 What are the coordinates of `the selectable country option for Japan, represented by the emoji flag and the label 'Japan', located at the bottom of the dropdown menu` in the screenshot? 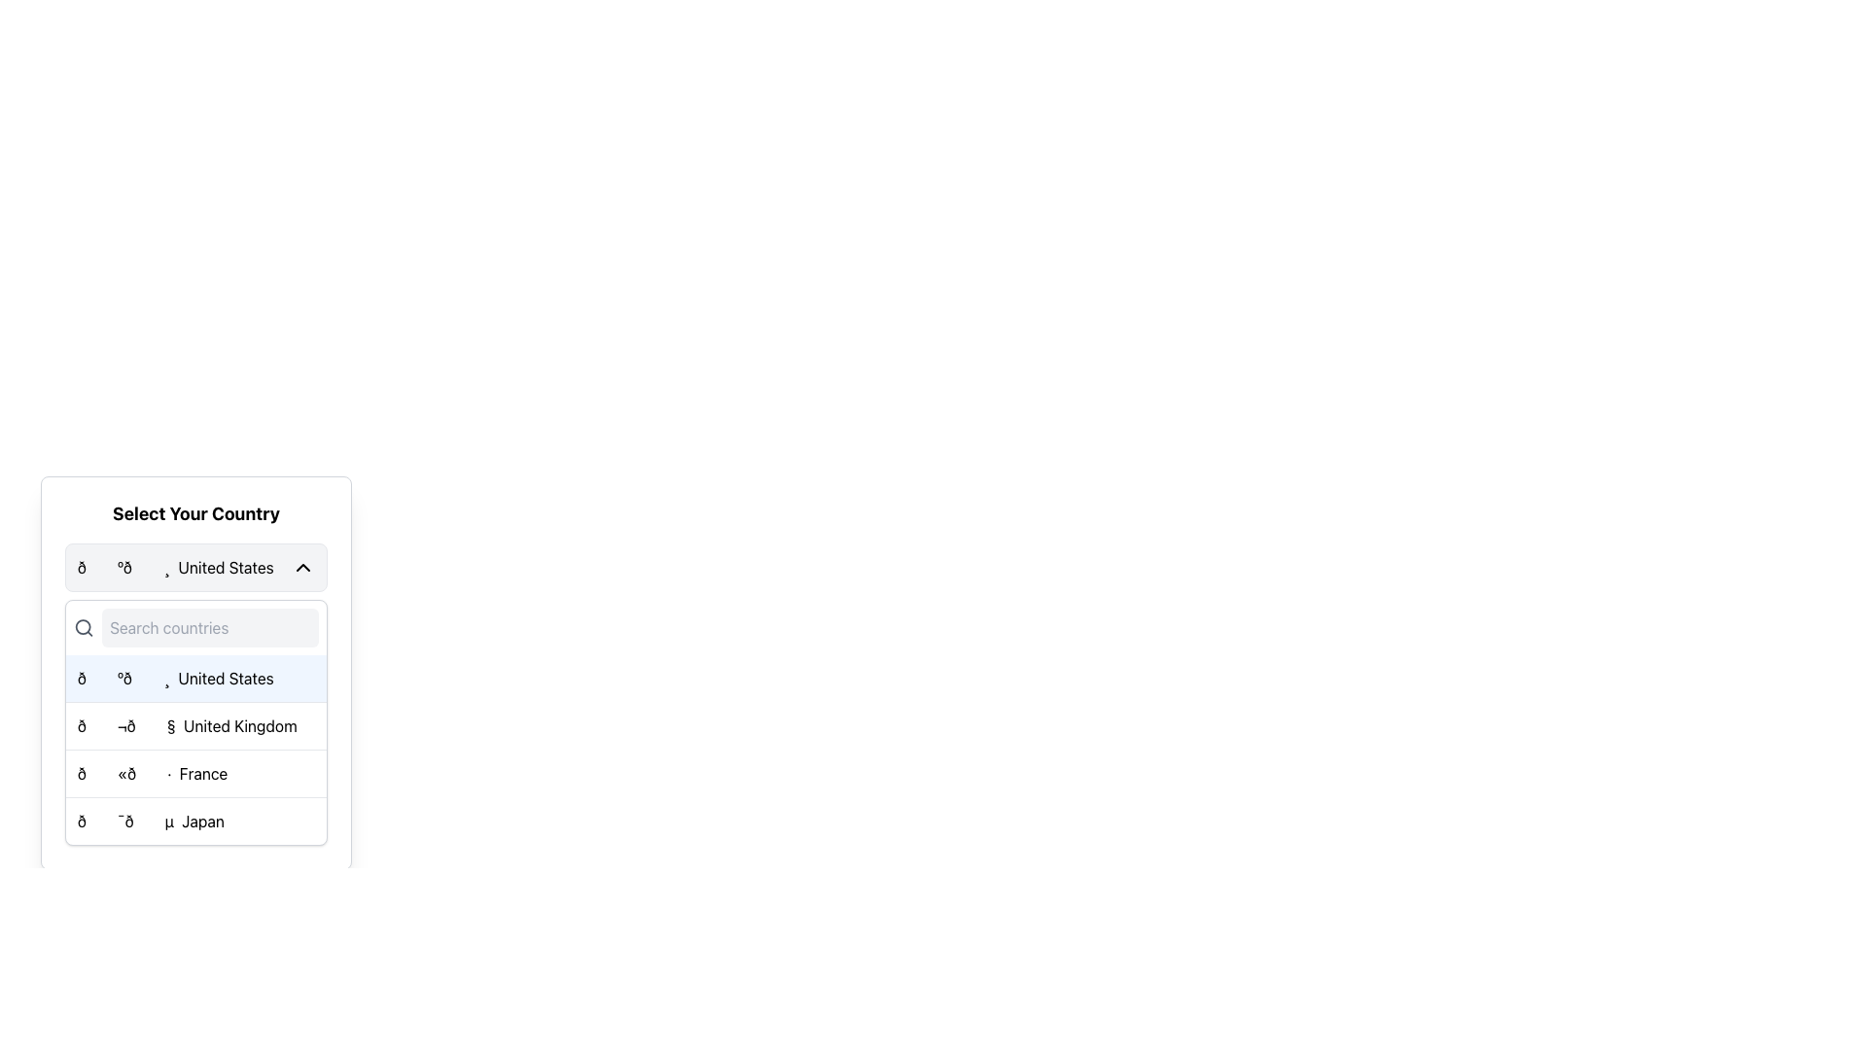 It's located at (195, 821).